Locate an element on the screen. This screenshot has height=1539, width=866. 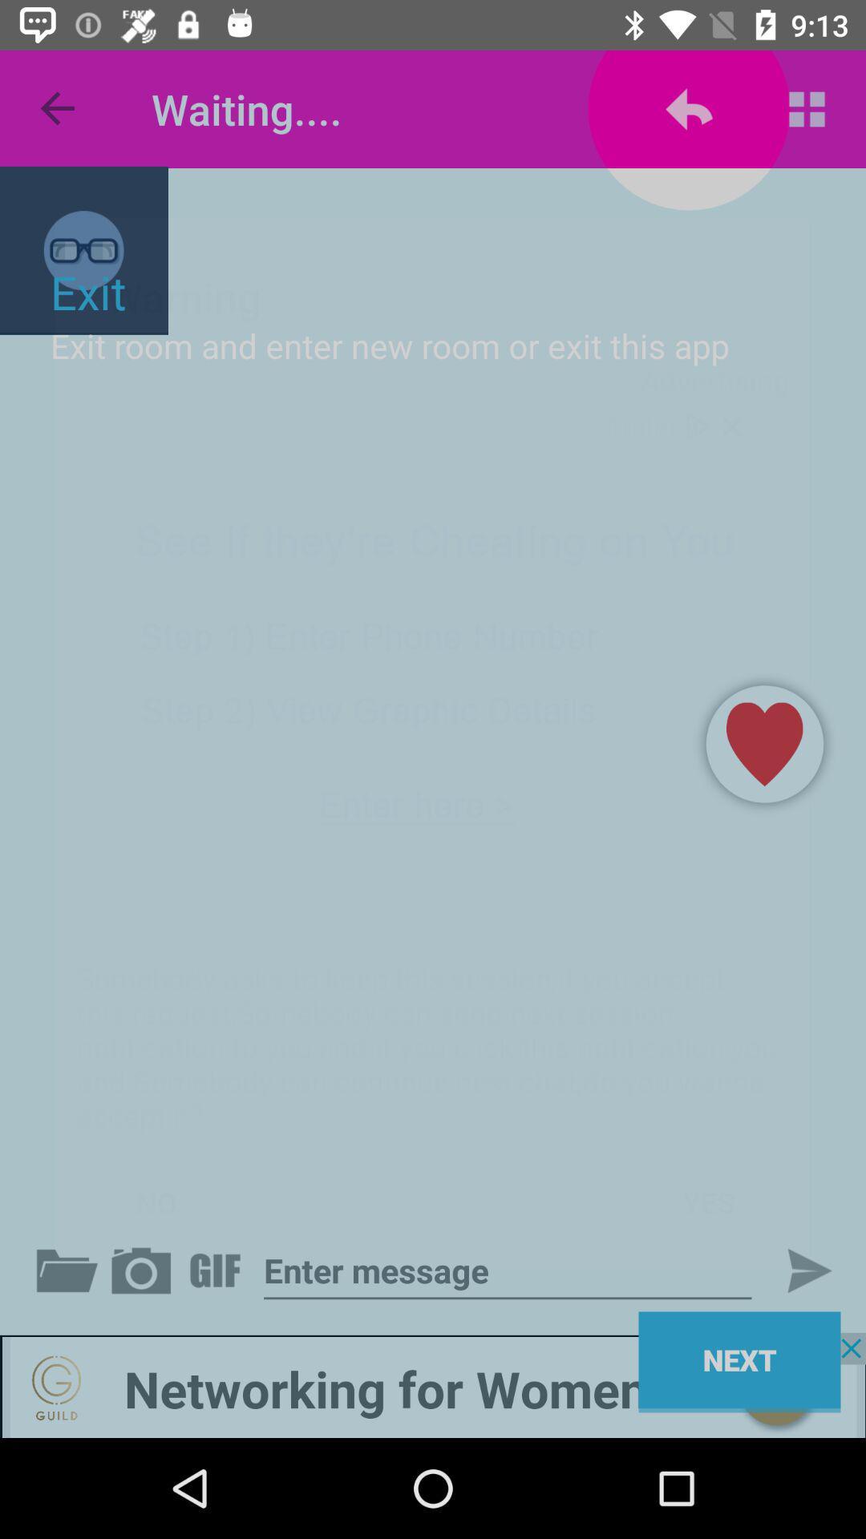
the message box is located at coordinates (508, 1270).